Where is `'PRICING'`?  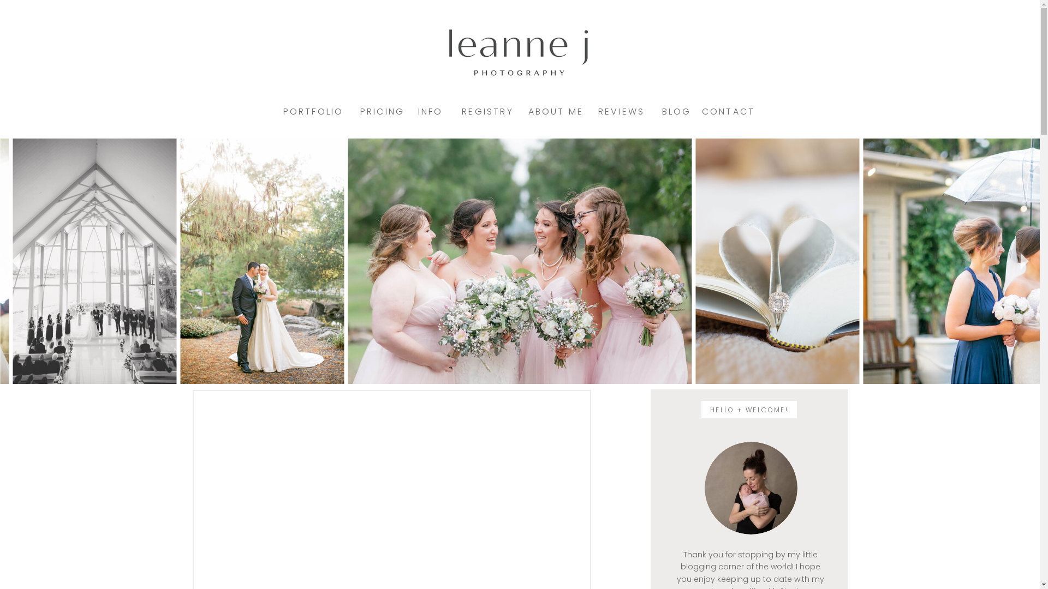 'PRICING' is located at coordinates (382, 111).